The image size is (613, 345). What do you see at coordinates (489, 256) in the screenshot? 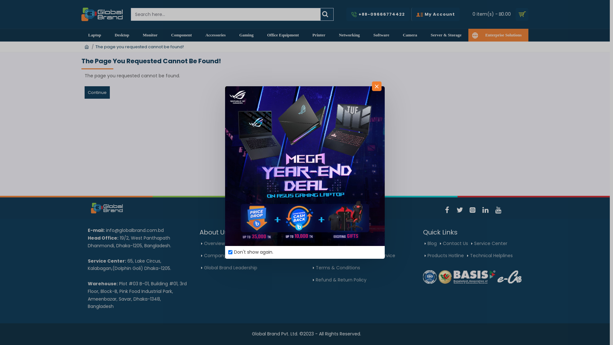
I see `'Technical Helplines'` at bounding box center [489, 256].